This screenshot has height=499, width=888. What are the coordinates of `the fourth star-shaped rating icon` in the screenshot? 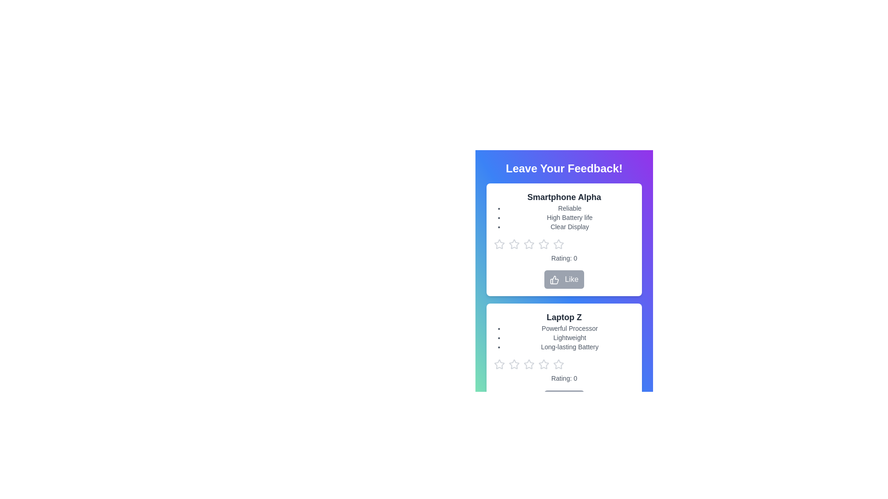 It's located at (544, 364).